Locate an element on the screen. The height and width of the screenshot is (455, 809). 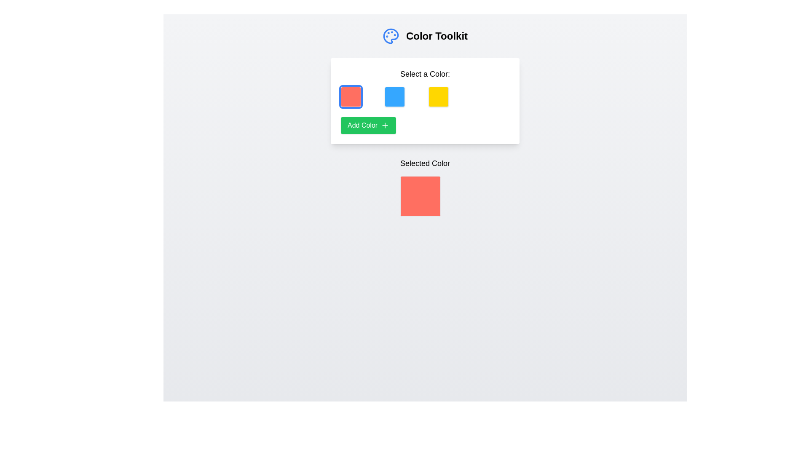
text header 'Color Toolkit' which is bold and larger in font size, positioned to the right of an icon resembling a palette is located at coordinates (437, 35).